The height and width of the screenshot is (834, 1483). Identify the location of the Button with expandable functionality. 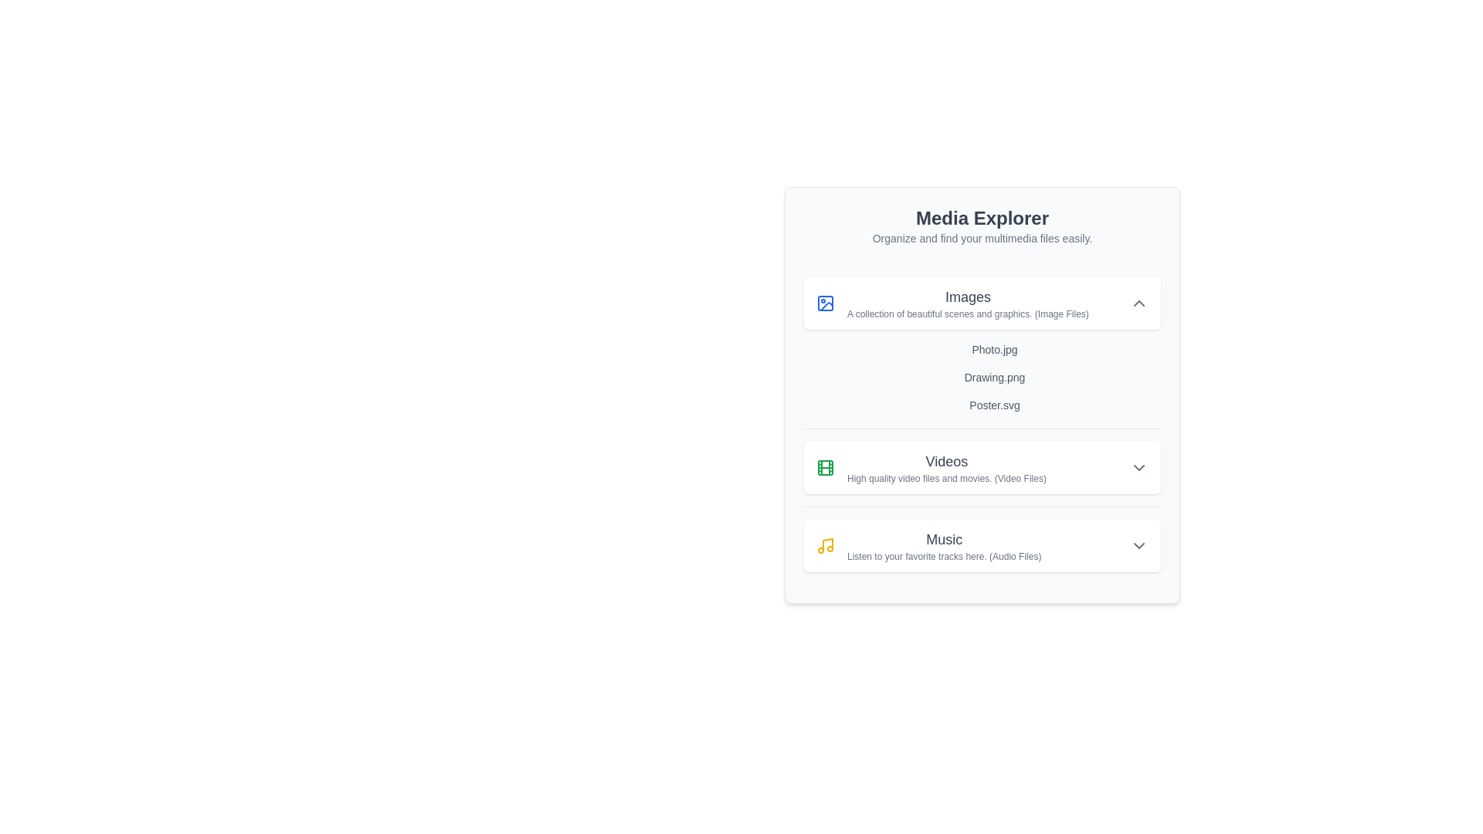
(982, 544).